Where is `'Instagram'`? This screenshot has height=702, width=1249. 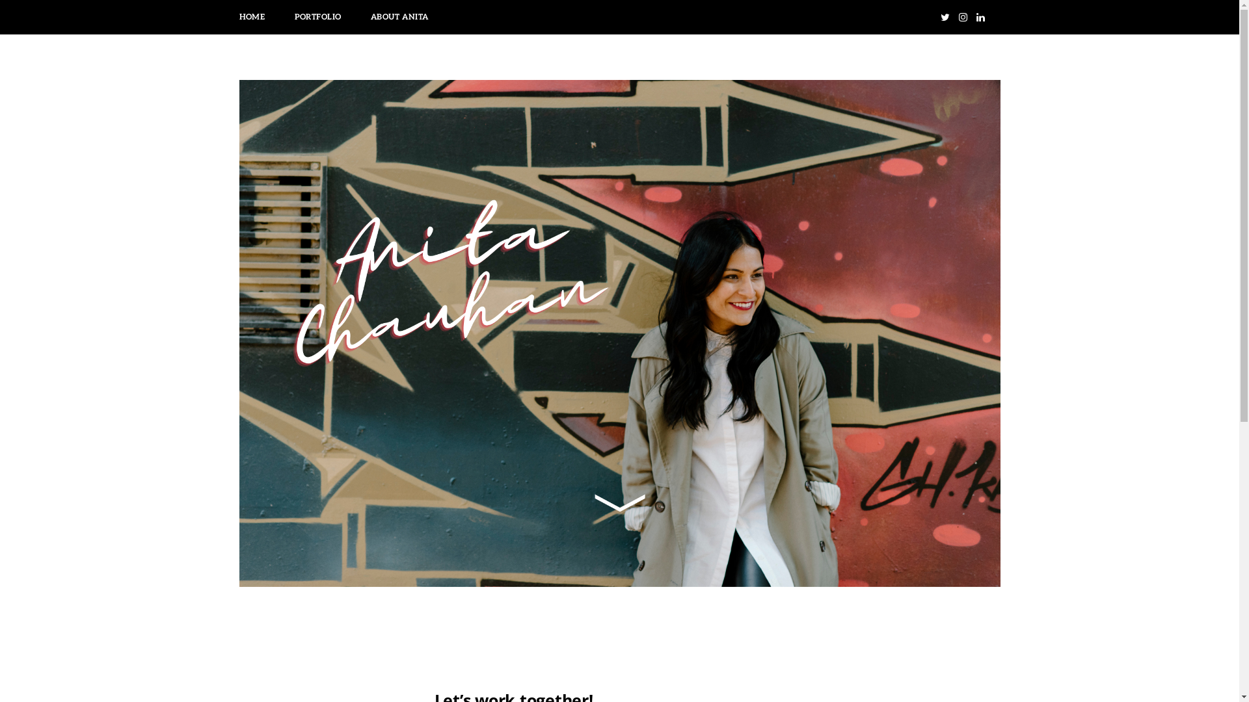
'Instagram' is located at coordinates (963, 17).